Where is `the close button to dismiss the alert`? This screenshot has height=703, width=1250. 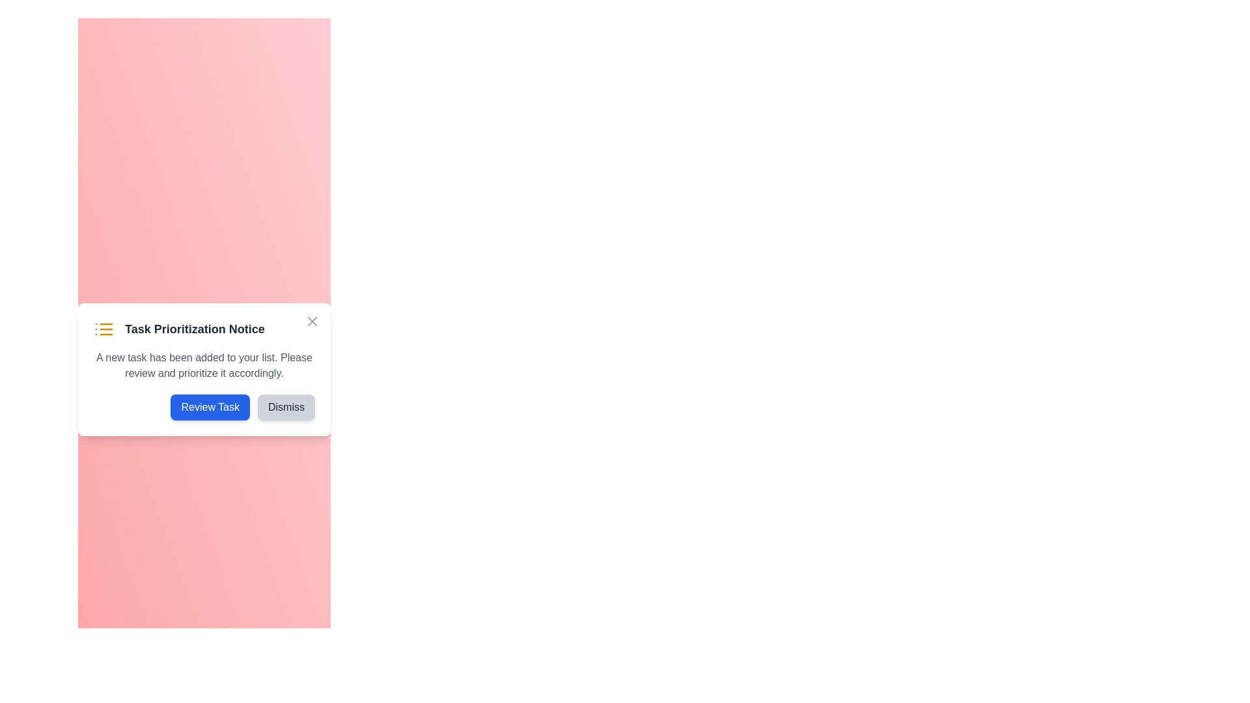
the close button to dismiss the alert is located at coordinates (312, 321).